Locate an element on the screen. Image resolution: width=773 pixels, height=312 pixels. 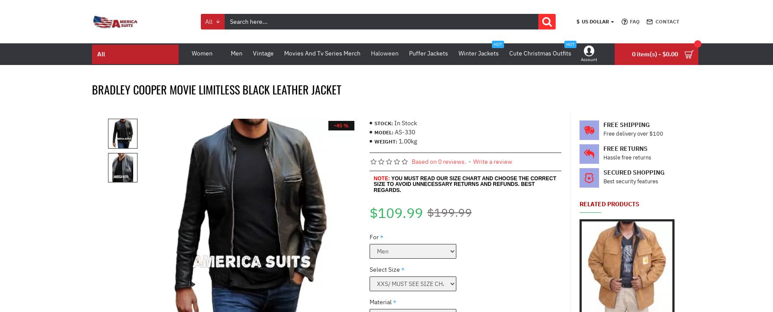
'Haloween' is located at coordinates (370, 53).